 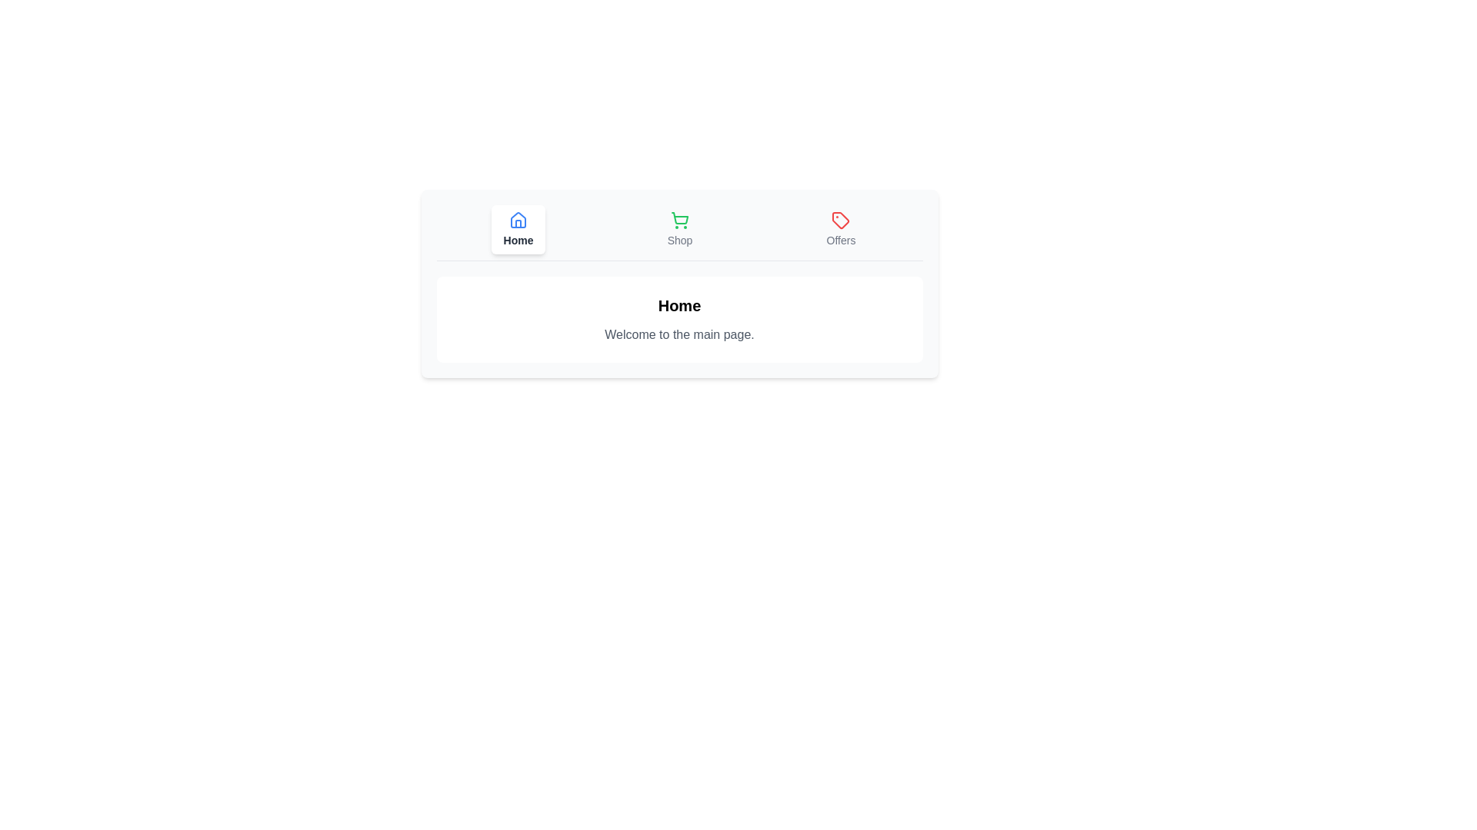 What do you see at coordinates (840, 230) in the screenshot?
I see `the button corresponding to the section Offers to select it` at bounding box center [840, 230].